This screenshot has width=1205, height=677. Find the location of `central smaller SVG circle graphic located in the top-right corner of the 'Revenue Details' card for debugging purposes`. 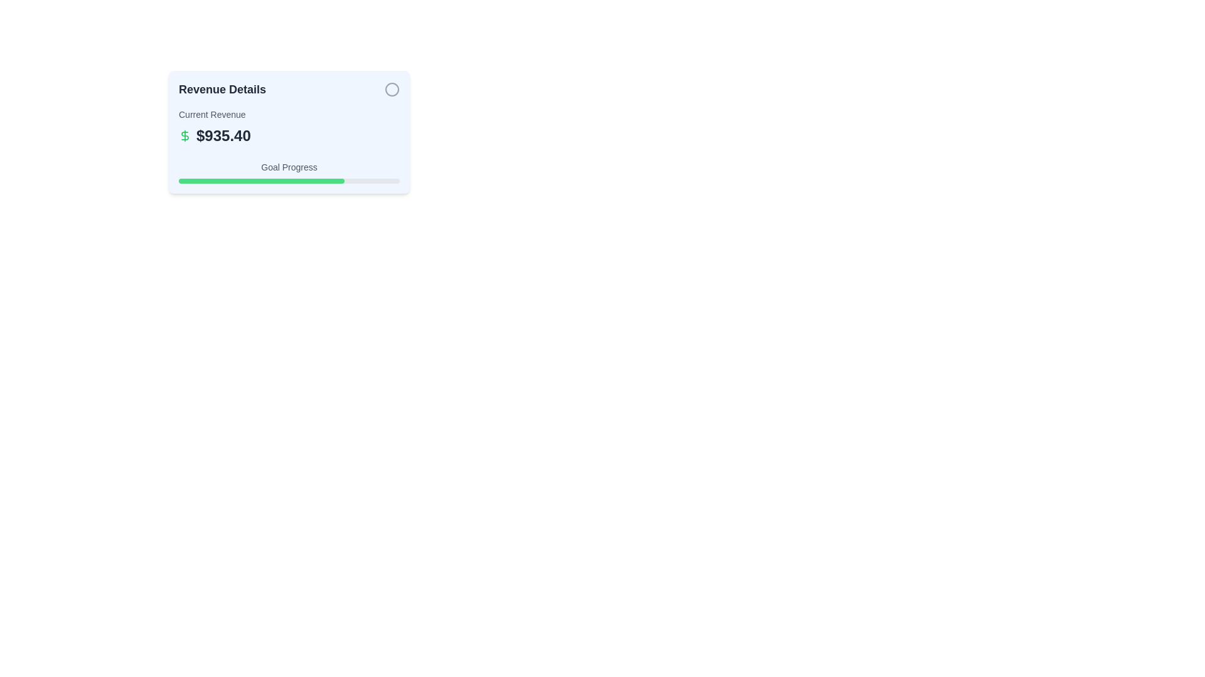

central smaller SVG circle graphic located in the top-right corner of the 'Revenue Details' card for debugging purposes is located at coordinates (391, 88).